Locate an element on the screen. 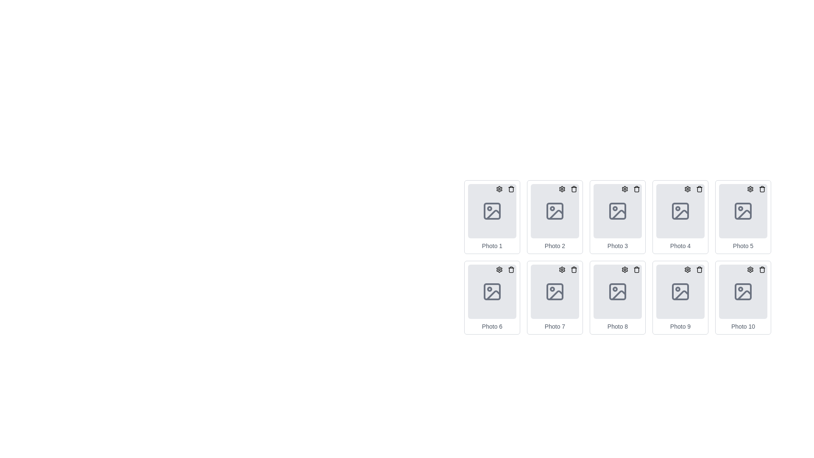  the Image placeholder box that has a light gray background with an image icon and the text 'Photo 1' below it is located at coordinates (492, 217).